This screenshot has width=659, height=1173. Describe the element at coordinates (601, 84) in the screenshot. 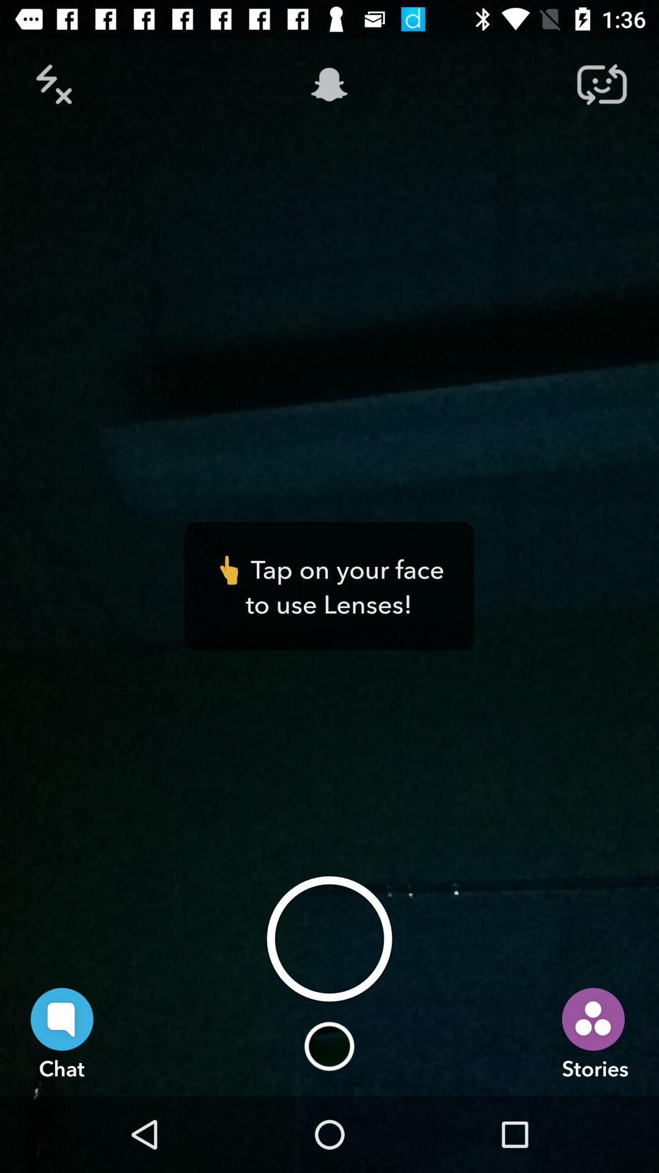

I see `the repeat icon` at that location.